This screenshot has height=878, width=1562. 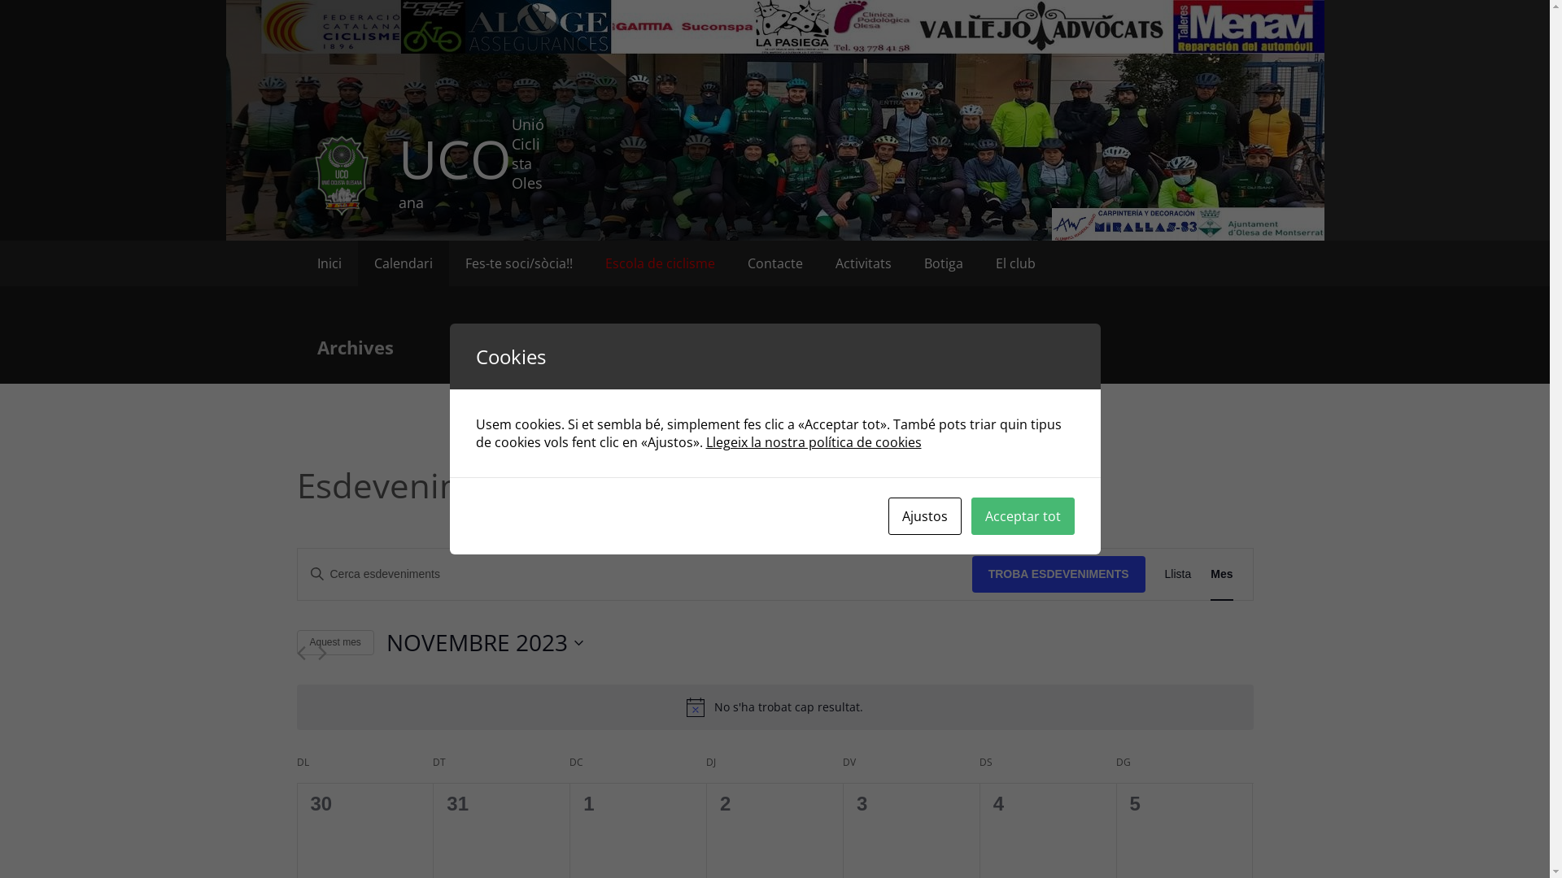 What do you see at coordinates (773, 263) in the screenshot?
I see `'Contacte'` at bounding box center [773, 263].